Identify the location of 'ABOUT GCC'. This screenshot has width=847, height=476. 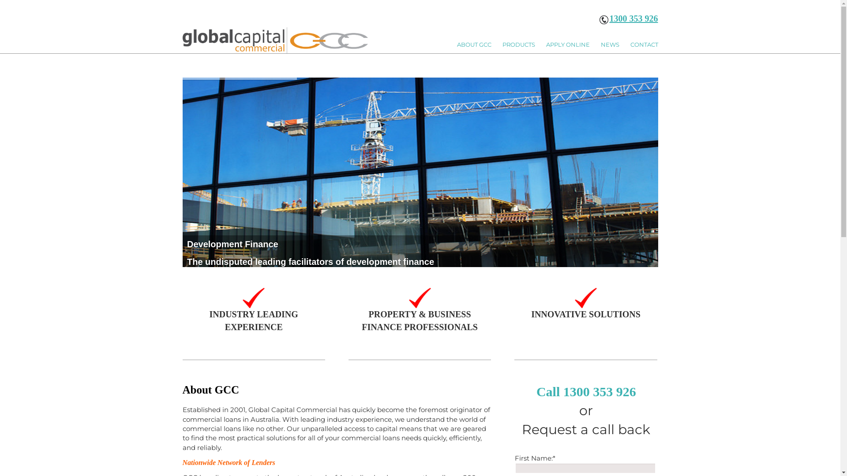
(479, 44).